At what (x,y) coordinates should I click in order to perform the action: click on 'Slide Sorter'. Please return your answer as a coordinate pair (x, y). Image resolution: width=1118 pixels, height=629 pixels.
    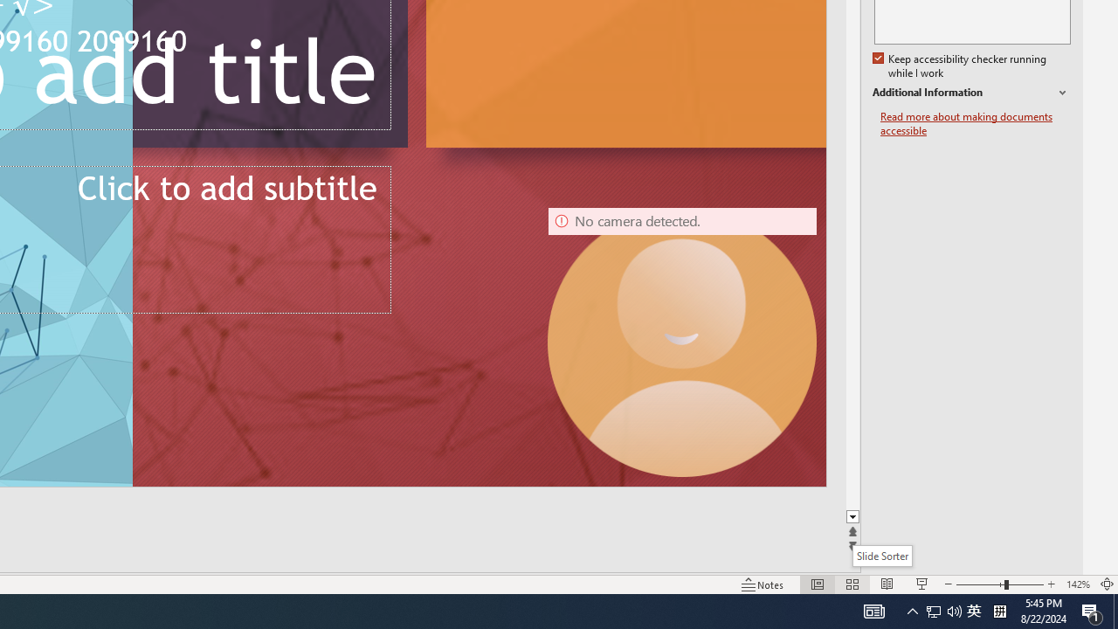
    Looking at the image, I should click on (881, 556).